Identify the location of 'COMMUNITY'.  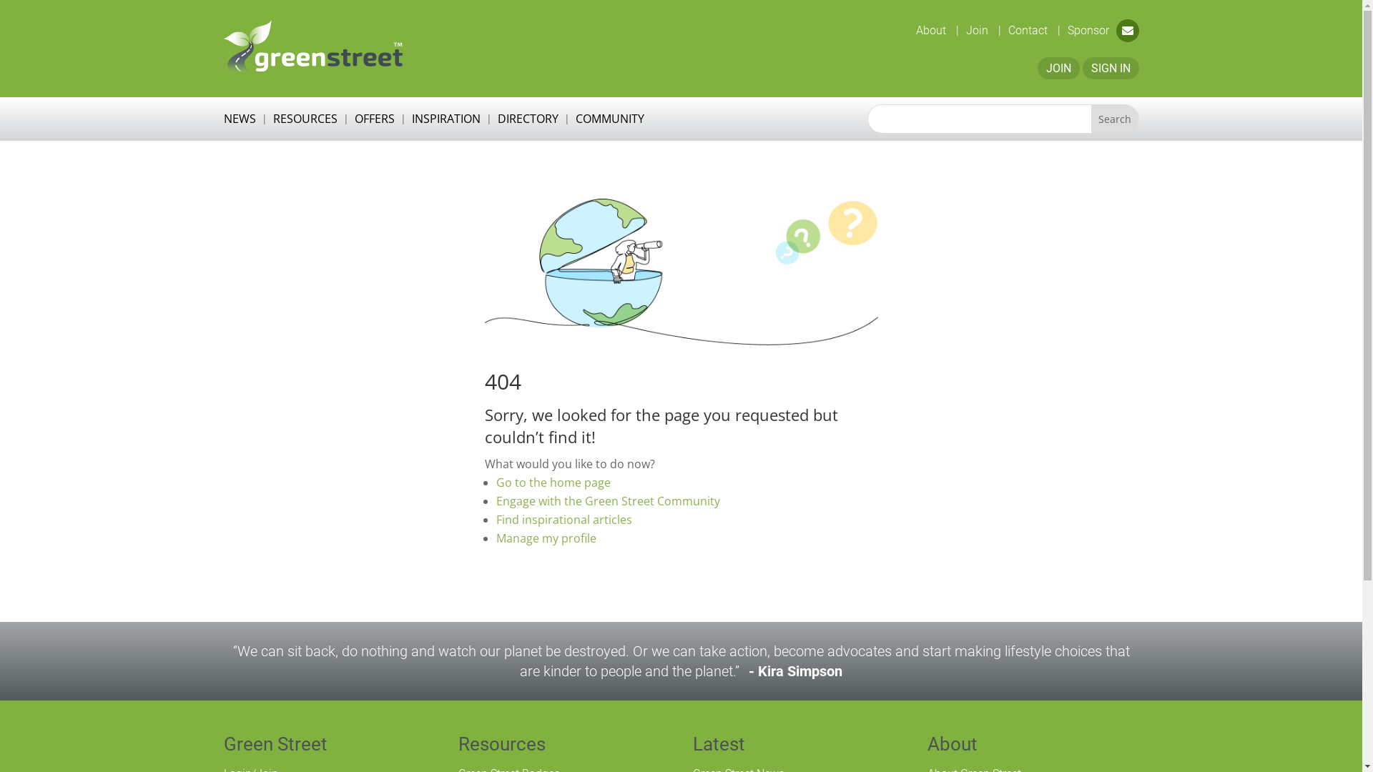
(609, 120).